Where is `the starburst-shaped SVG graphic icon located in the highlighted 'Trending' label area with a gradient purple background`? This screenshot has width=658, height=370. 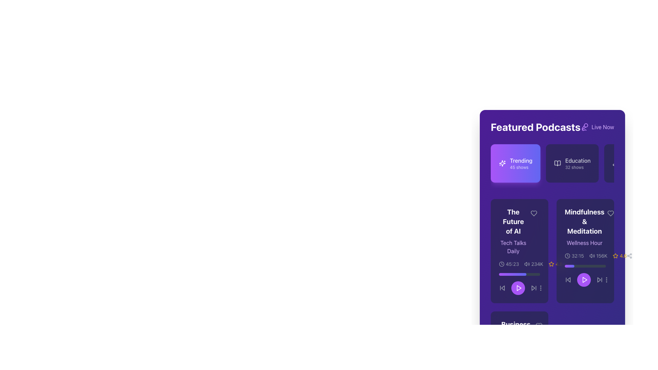
the starburst-shaped SVG graphic icon located in the highlighted 'Trending' label area with a gradient purple background is located at coordinates (502, 163).